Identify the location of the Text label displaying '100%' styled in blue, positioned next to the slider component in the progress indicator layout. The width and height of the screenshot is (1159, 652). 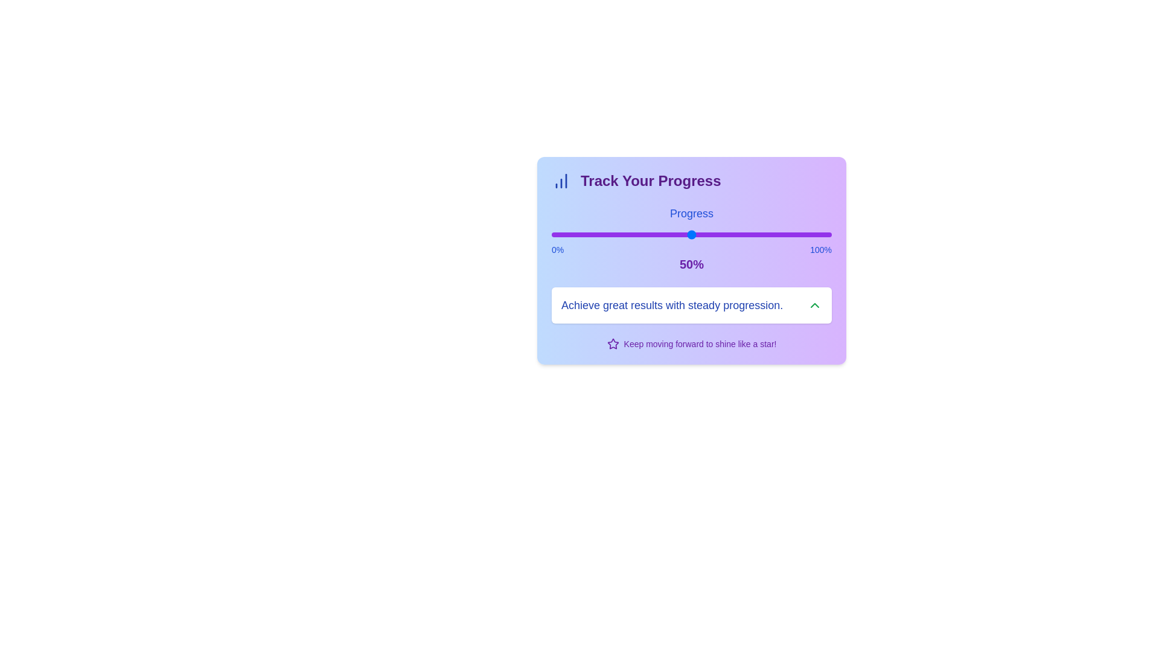
(821, 249).